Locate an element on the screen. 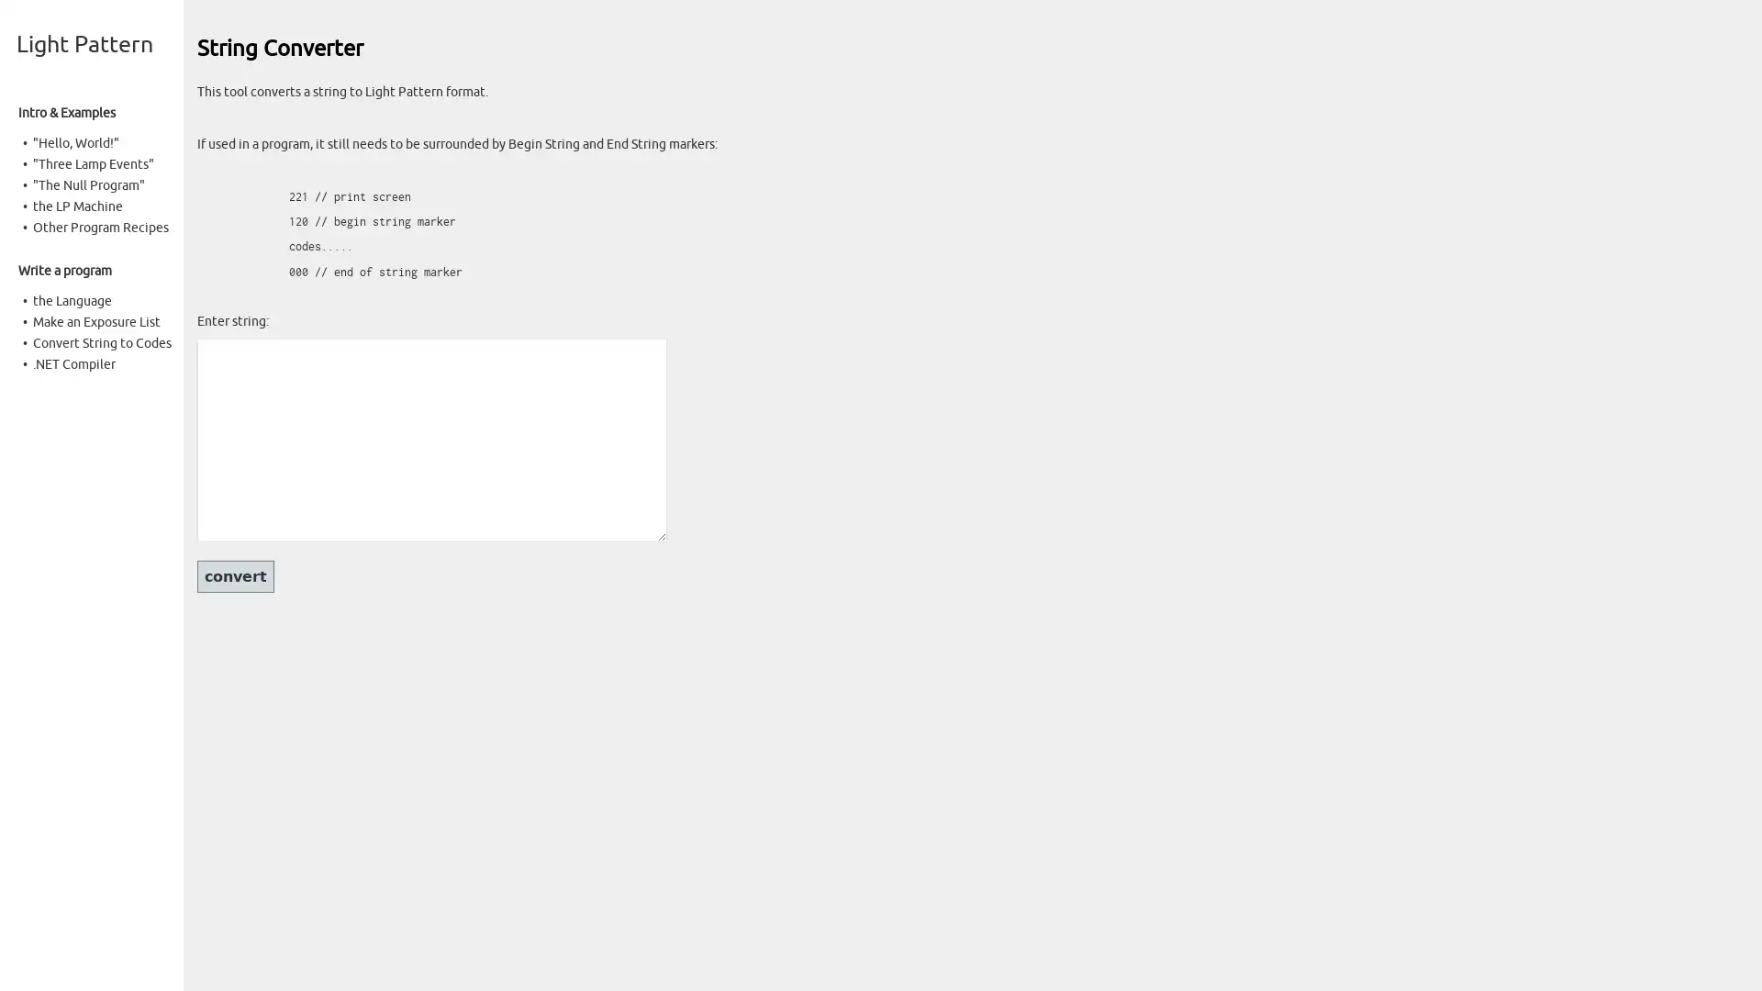 The width and height of the screenshot is (1762, 991). convert is located at coordinates (235, 575).